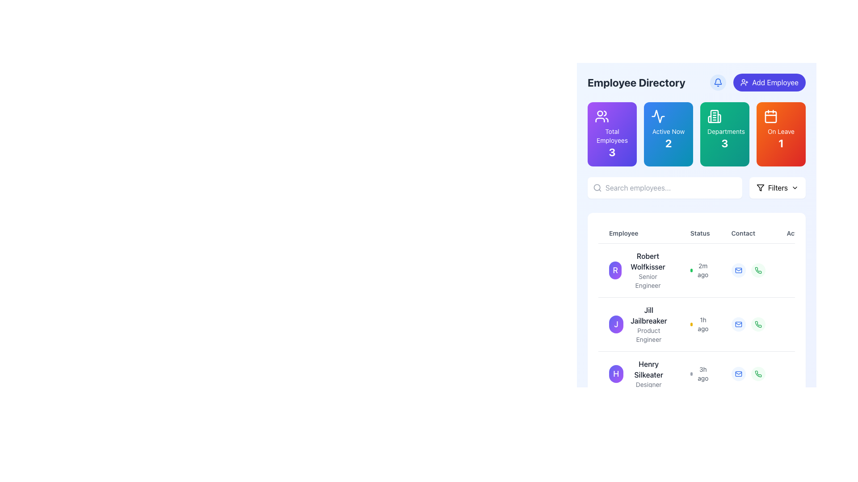  Describe the element at coordinates (748, 233) in the screenshot. I see `the text label indicating contact information in the header row of the table, which is positioned third after 'Employee' and 'Status' columns` at that location.